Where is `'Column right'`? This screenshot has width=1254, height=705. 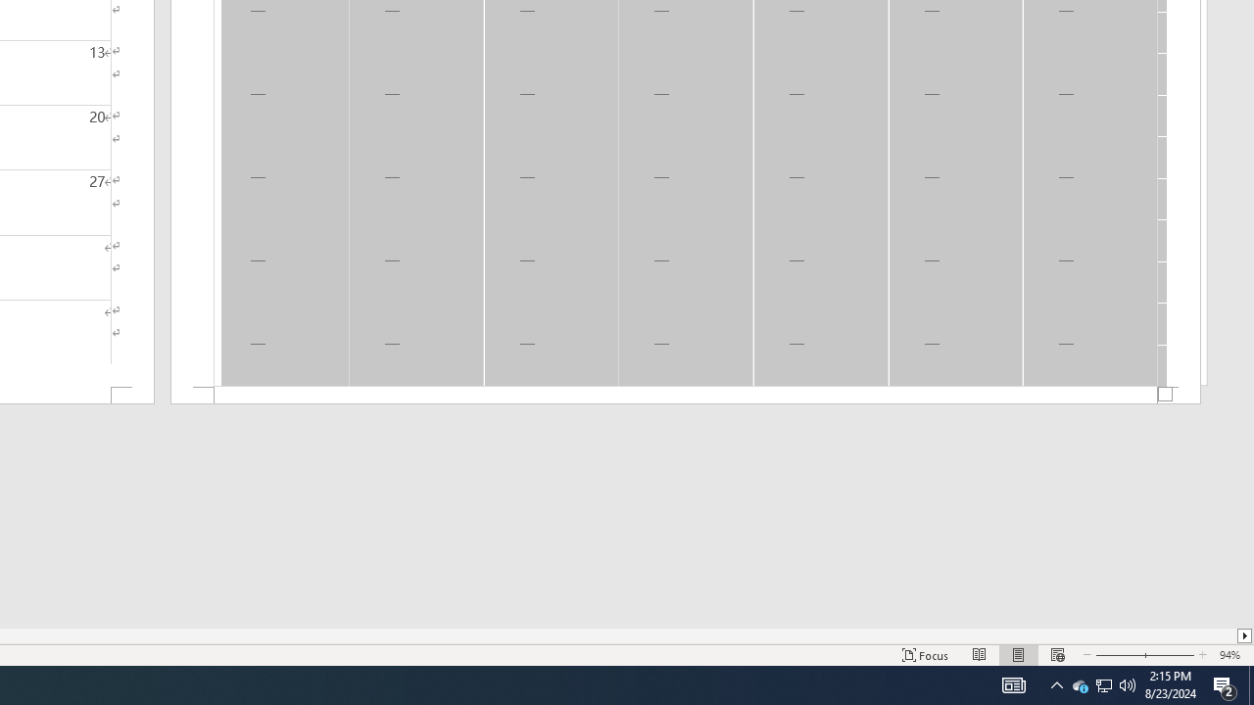 'Column right' is located at coordinates (1244, 635).